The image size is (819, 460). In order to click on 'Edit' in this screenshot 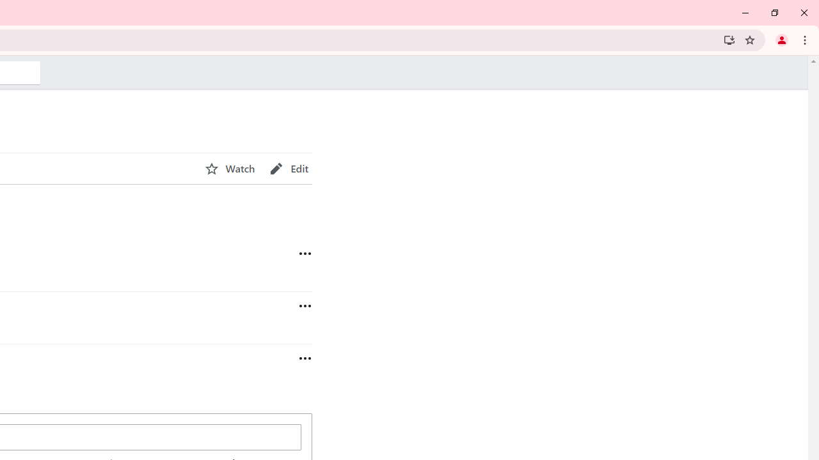, I will do `click(289, 168)`.